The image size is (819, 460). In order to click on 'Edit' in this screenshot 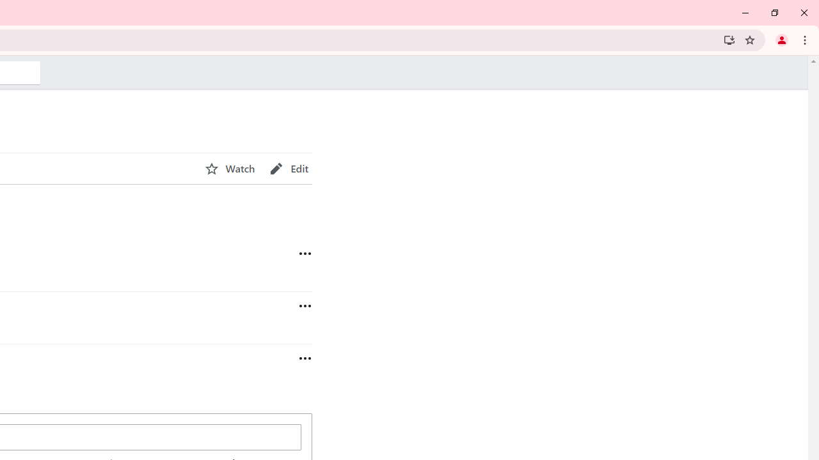, I will do `click(289, 168)`.